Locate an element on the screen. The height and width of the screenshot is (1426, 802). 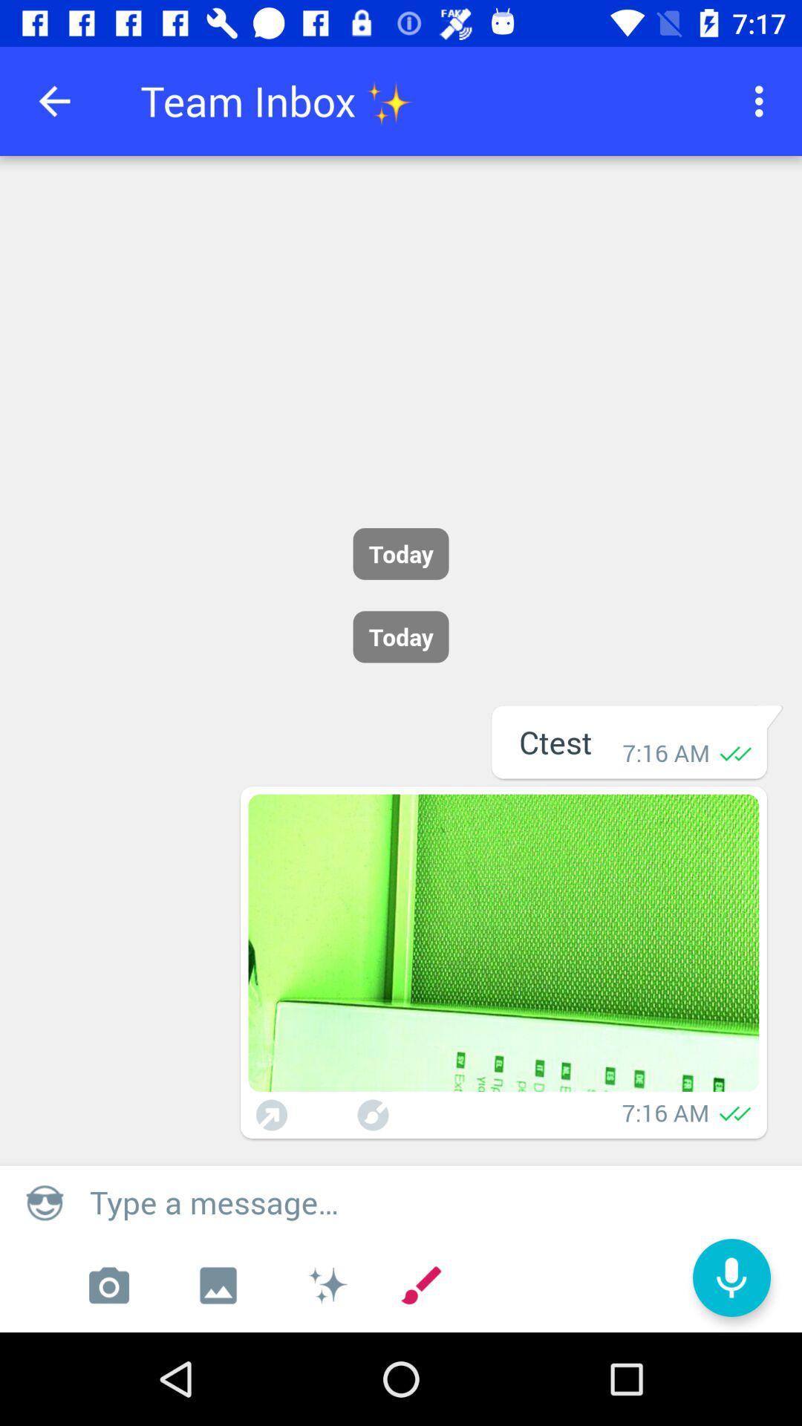
minimize image is located at coordinates (372, 1115).